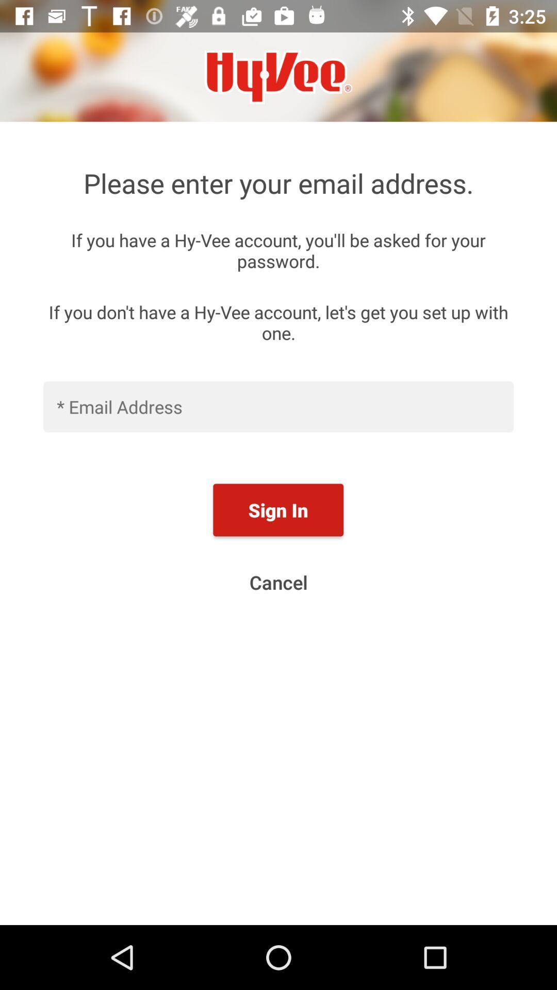 The image size is (557, 990). I want to click on the sign in, so click(277, 510).